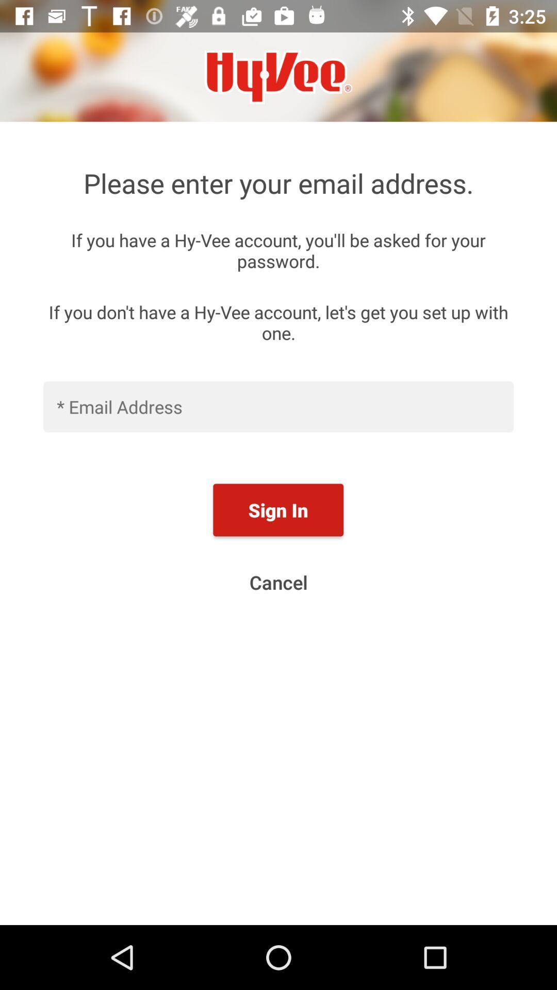 The image size is (557, 990). I want to click on the sign in, so click(277, 510).